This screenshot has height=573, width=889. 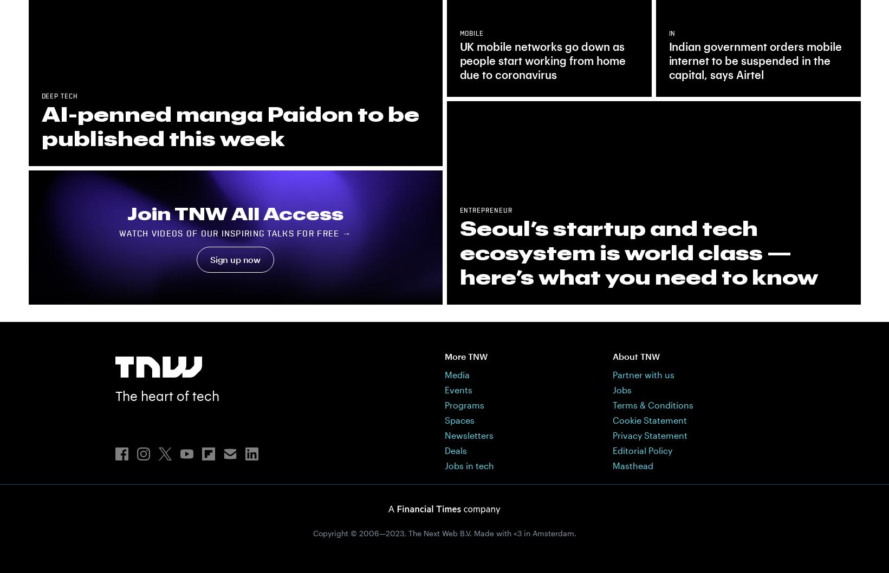 I want to click on 'Masthead', so click(x=632, y=465).